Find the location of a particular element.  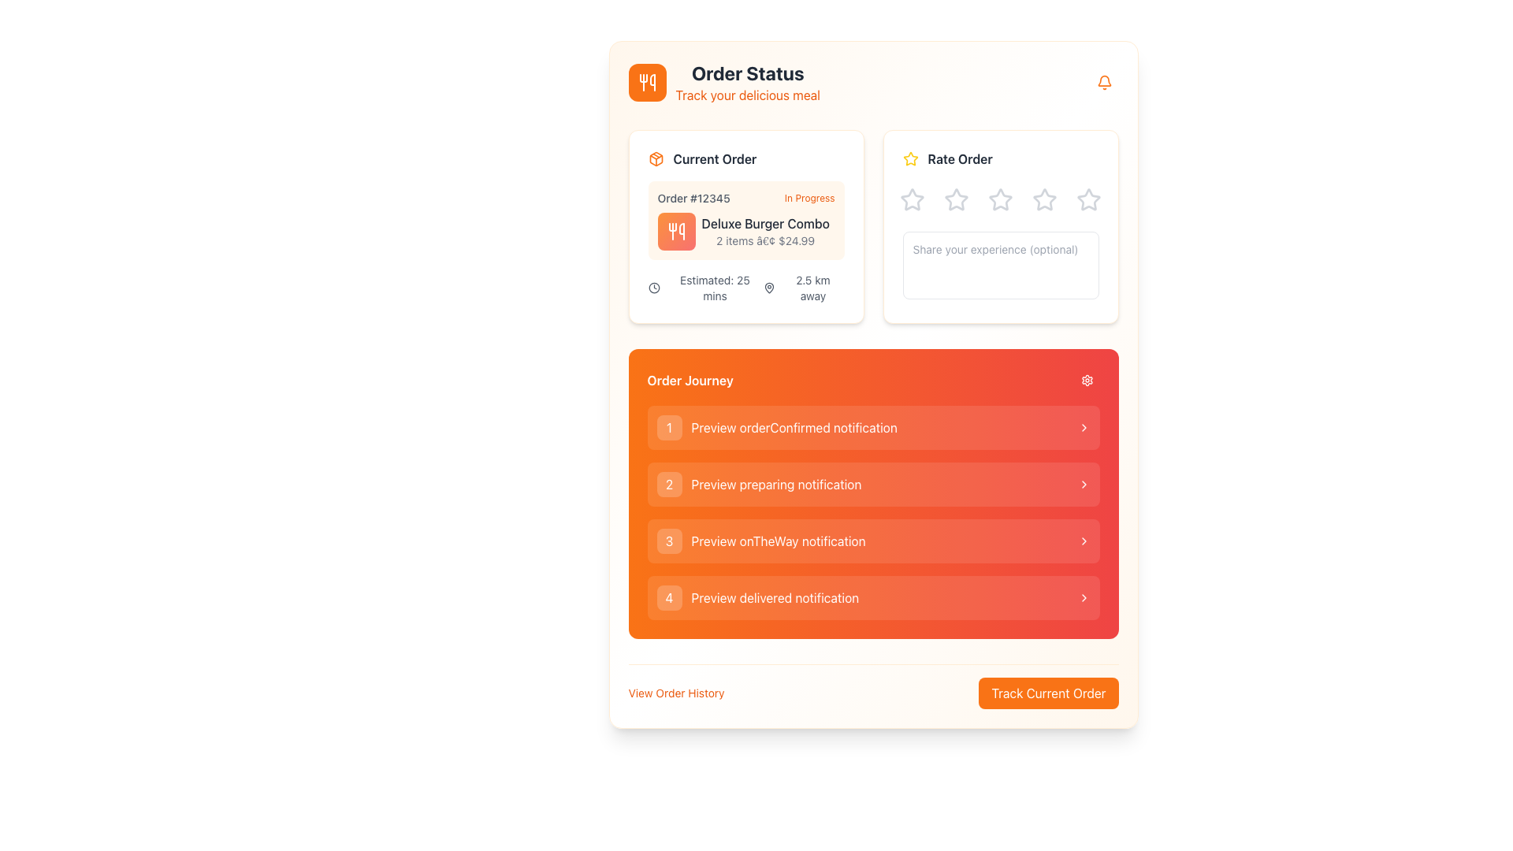

the settings icon located in the top-right corner of the 'Order Journey' section is located at coordinates (1086, 380).